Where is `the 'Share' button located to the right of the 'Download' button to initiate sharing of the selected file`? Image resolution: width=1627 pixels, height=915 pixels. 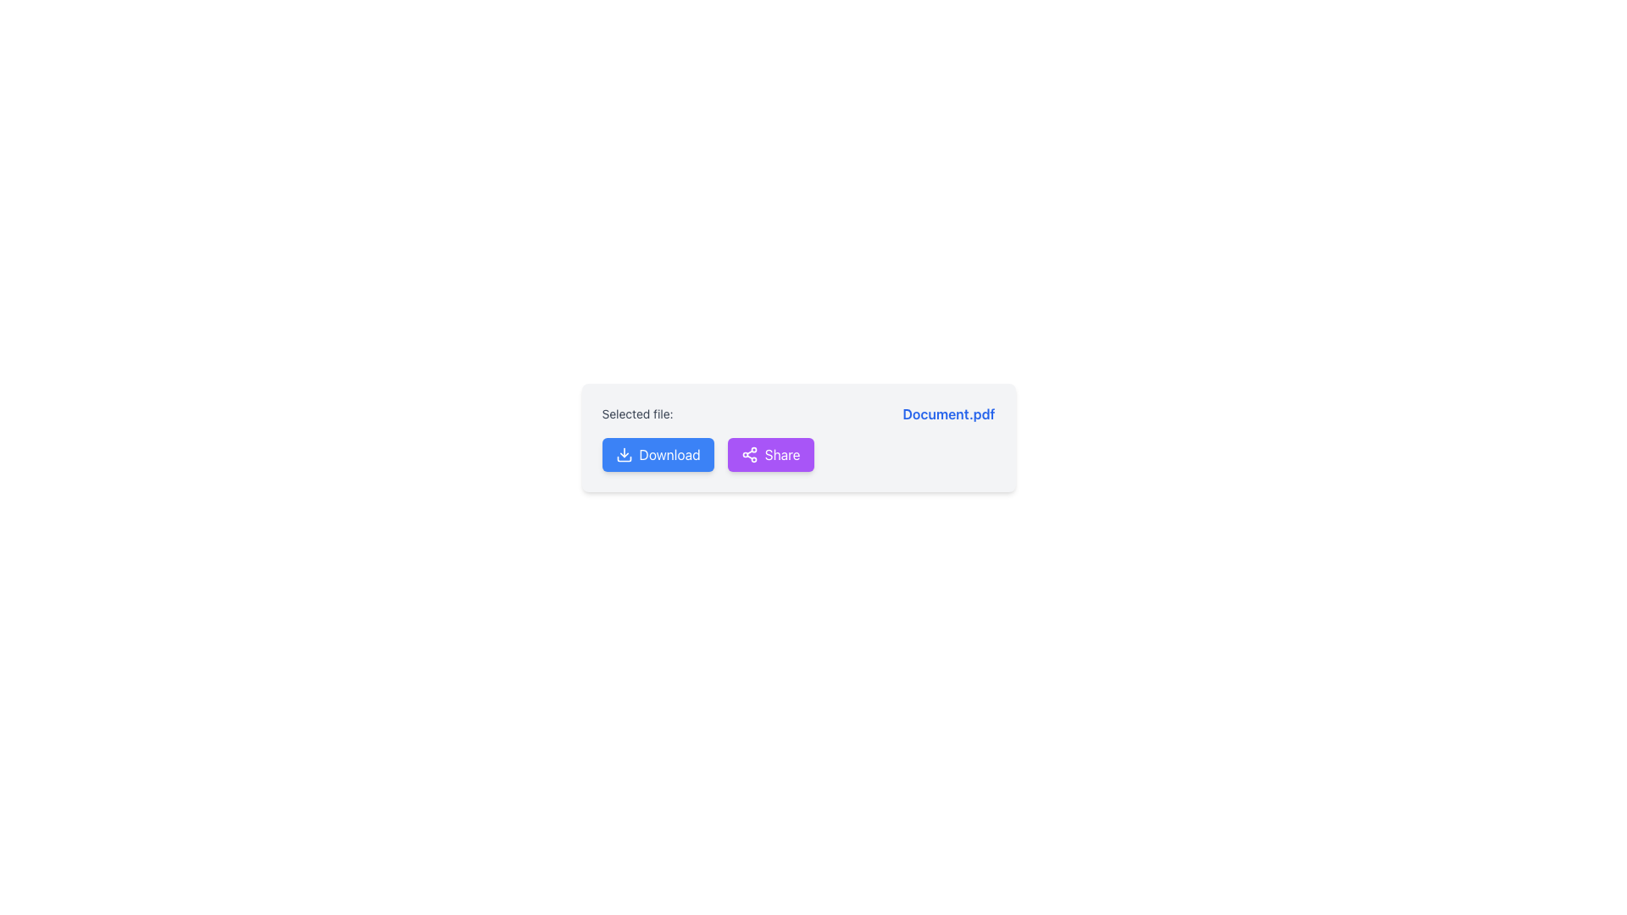 the 'Share' button located to the right of the 'Download' button to initiate sharing of the selected file is located at coordinates (797, 453).